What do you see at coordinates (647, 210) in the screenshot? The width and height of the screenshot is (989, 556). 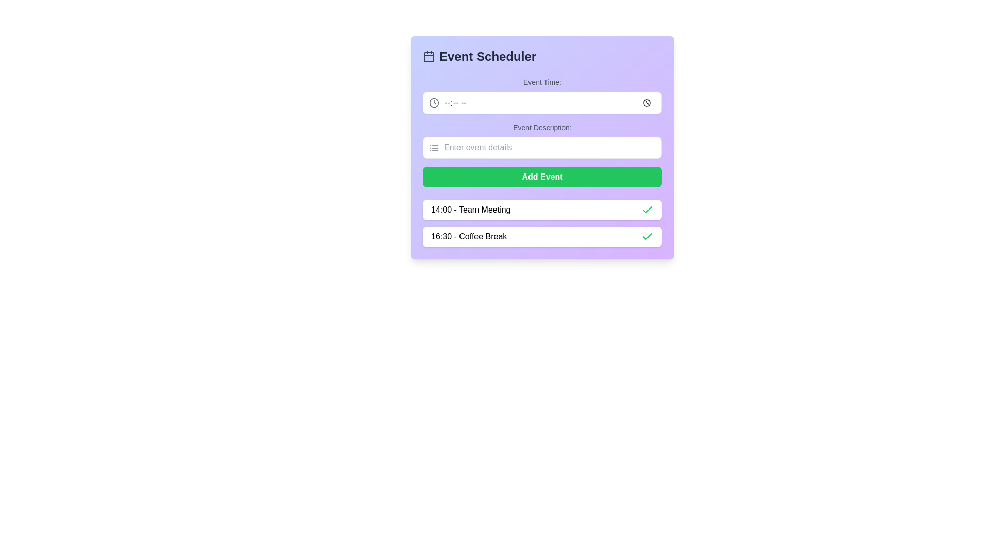 I see `the green checkmark icon that indicates the completion of the '14:00 - Team Meeting' task` at bounding box center [647, 210].